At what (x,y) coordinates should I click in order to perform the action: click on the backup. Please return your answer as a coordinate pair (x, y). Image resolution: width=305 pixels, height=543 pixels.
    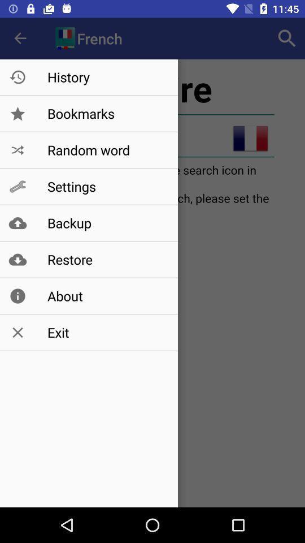
    Looking at the image, I should click on (107, 222).